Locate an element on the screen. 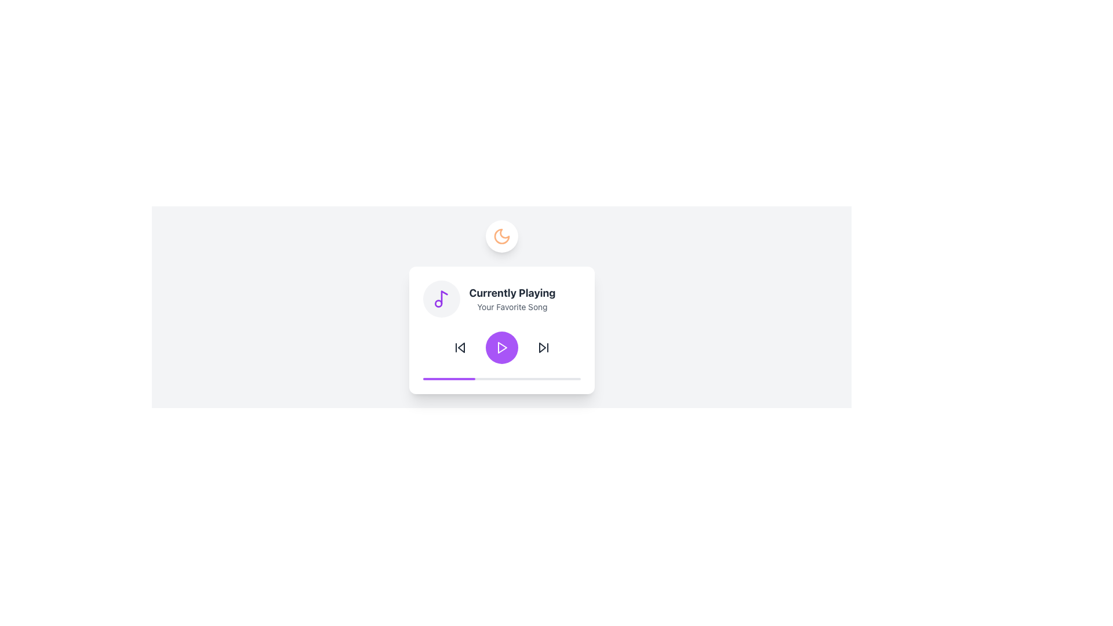  the rounded button with a leftward skip-backward icon located in the horizontal toolbar below the 'Currently Playing' label in the music player interface is located at coordinates (459, 347).